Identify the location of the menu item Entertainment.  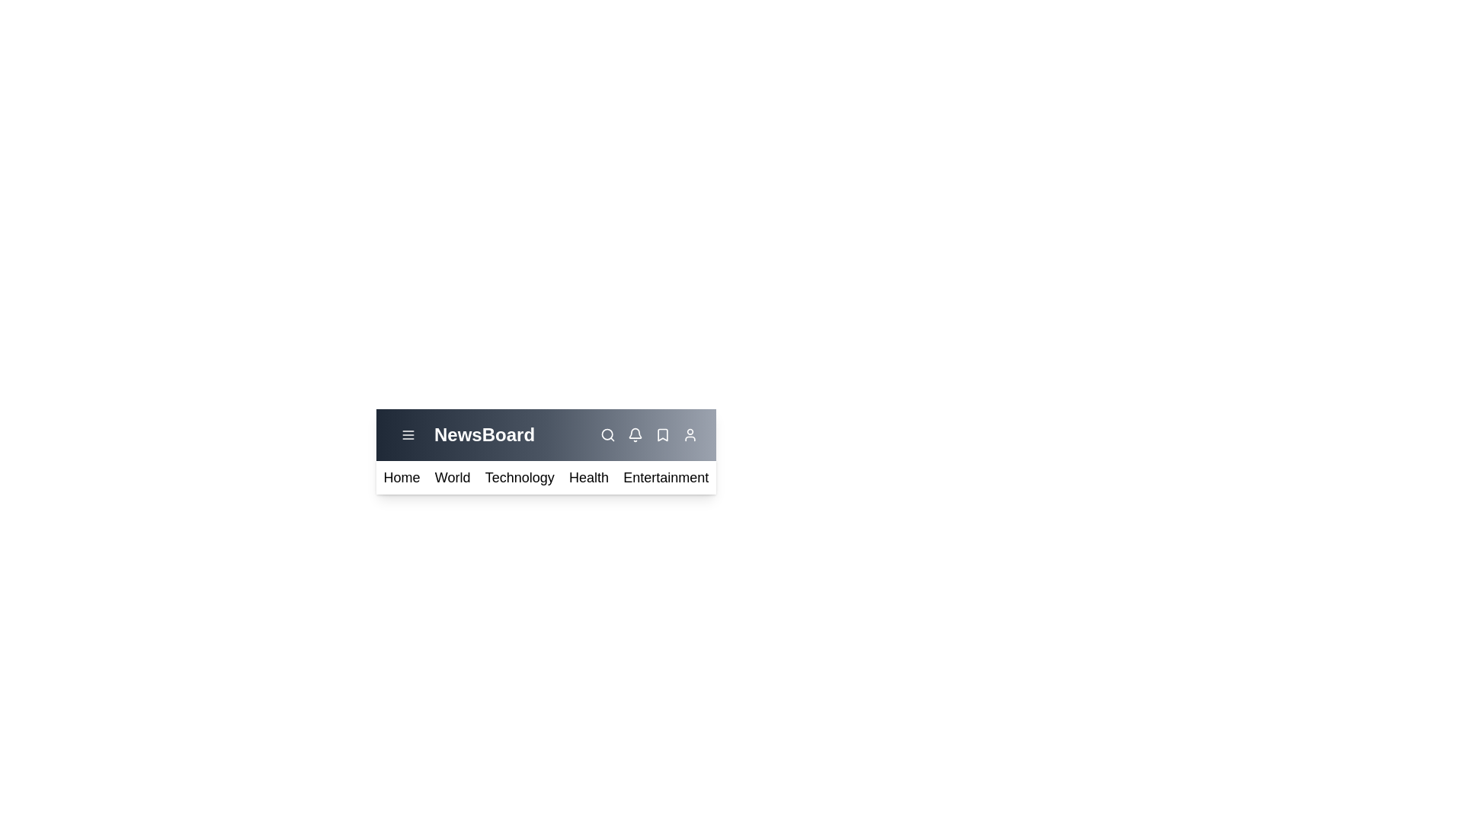
(665, 477).